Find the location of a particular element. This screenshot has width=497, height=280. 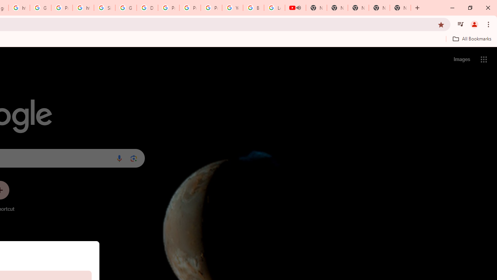

'New Tab' is located at coordinates (400, 8).